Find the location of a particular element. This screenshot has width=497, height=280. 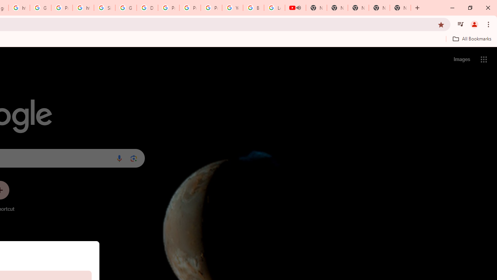

'New Tab' is located at coordinates (400, 8).